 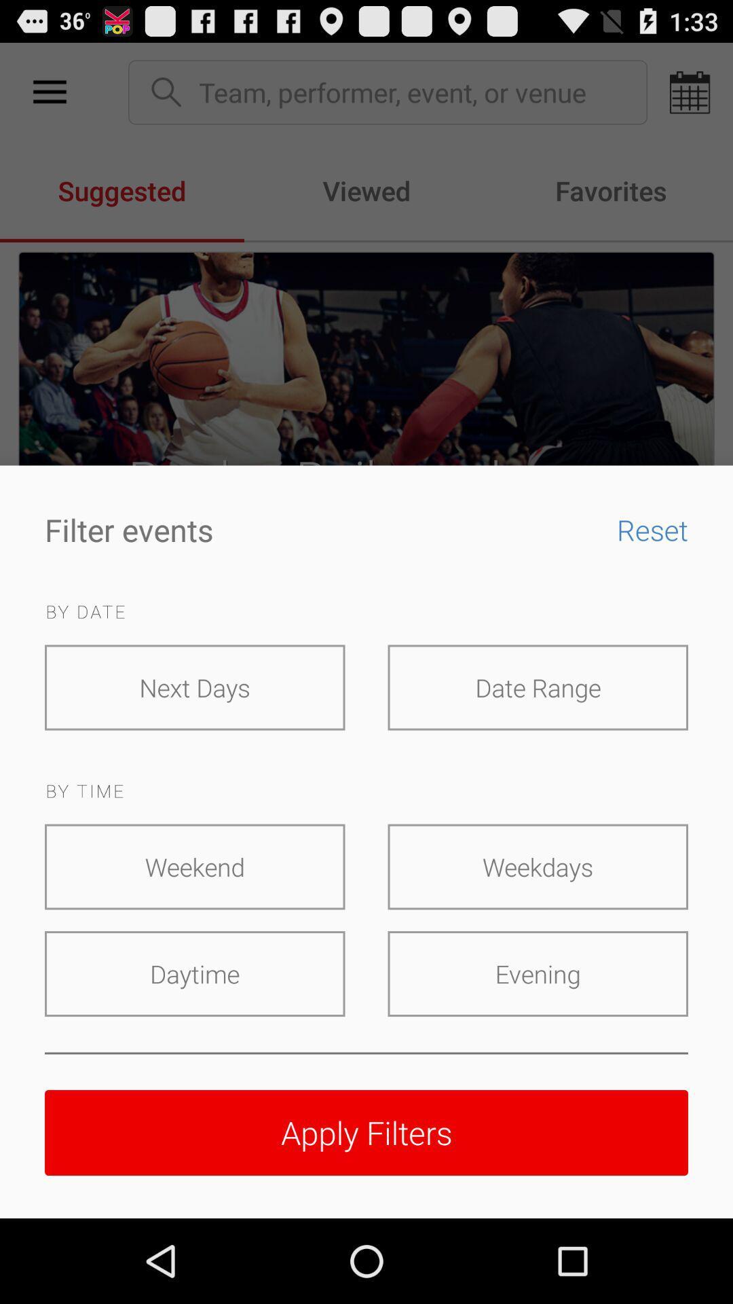 What do you see at coordinates (641, 528) in the screenshot?
I see `reset item` at bounding box center [641, 528].